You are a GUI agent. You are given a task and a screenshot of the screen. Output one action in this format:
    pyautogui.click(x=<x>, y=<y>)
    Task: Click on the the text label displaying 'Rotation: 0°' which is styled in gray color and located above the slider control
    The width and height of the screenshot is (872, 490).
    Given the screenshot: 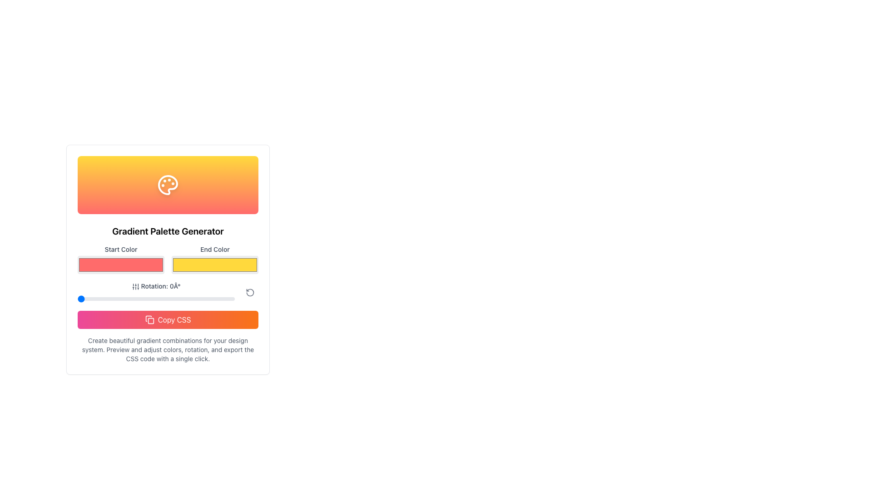 What is the action you would take?
    pyautogui.click(x=156, y=292)
    